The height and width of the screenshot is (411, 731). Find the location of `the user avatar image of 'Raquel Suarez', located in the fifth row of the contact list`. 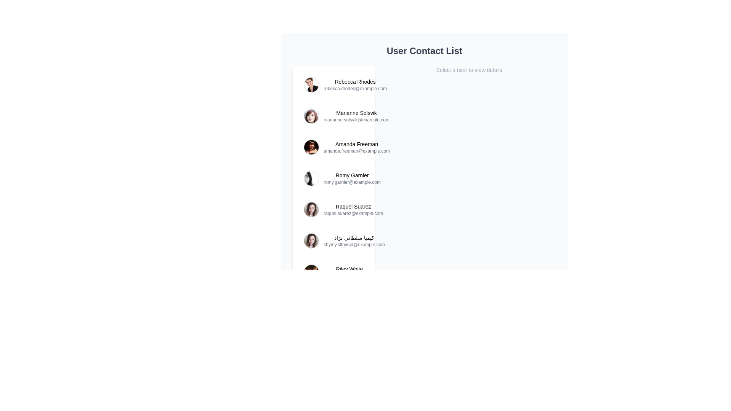

the user avatar image of 'Raquel Suarez', located in the fifth row of the contact list is located at coordinates (311, 210).